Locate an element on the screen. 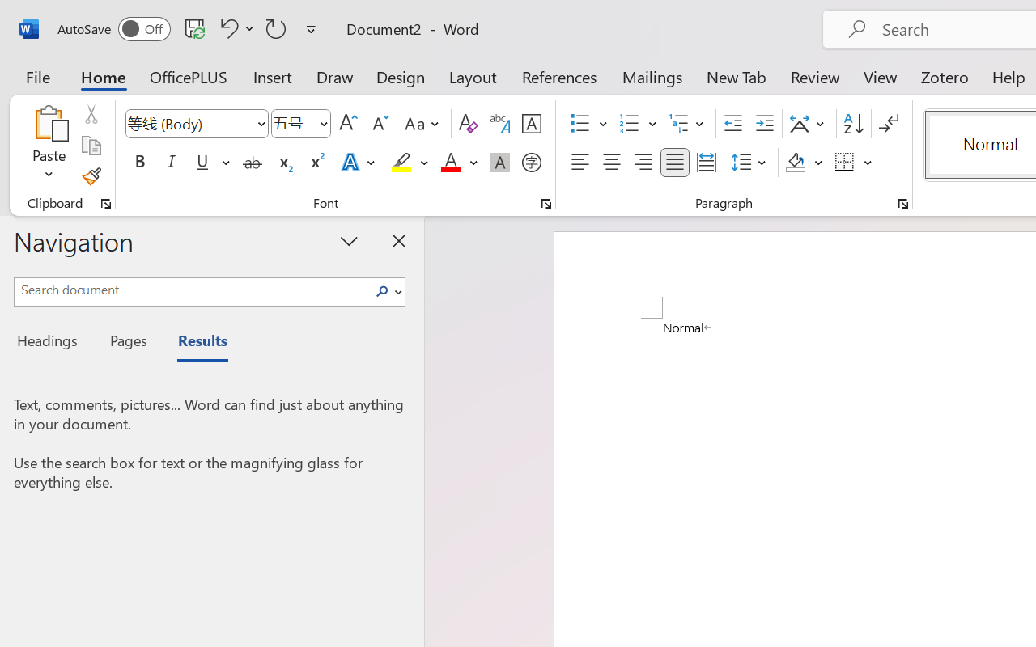 Image resolution: width=1036 pixels, height=647 pixels. 'Increase Indent' is located at coordinates (763, 124).